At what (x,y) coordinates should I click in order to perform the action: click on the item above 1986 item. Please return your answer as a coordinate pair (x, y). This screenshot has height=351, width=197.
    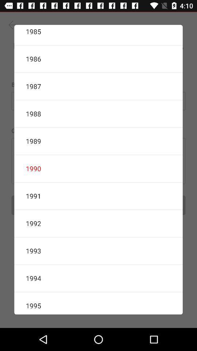
    Looking at the image, I should click on (98, 35).